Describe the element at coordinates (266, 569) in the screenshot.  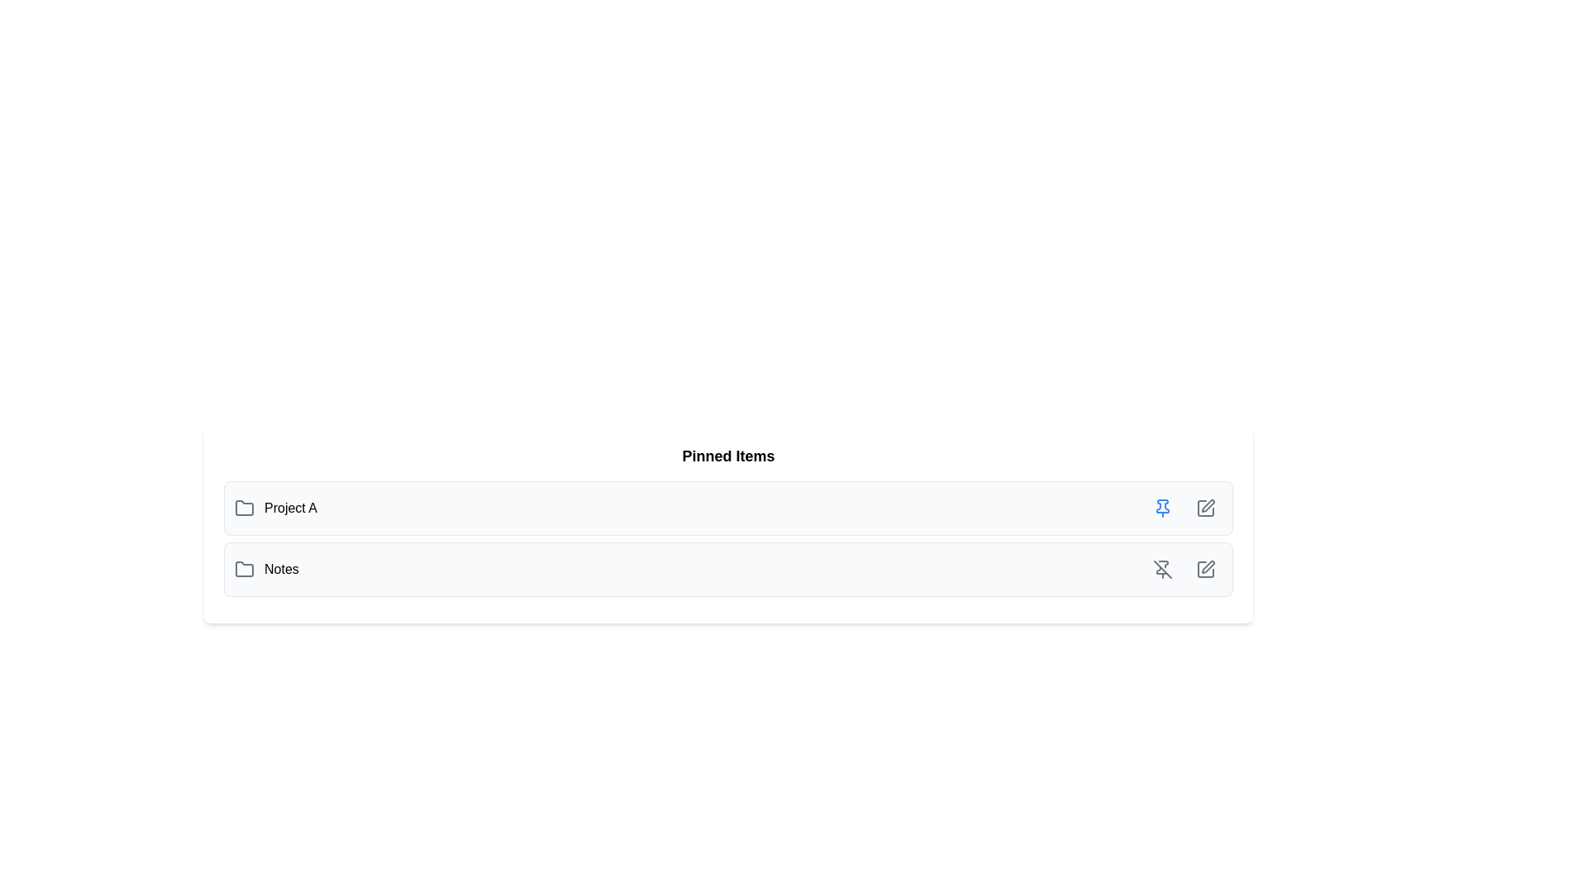
I see `the folder icon in the 'Notes' text label` at that location.